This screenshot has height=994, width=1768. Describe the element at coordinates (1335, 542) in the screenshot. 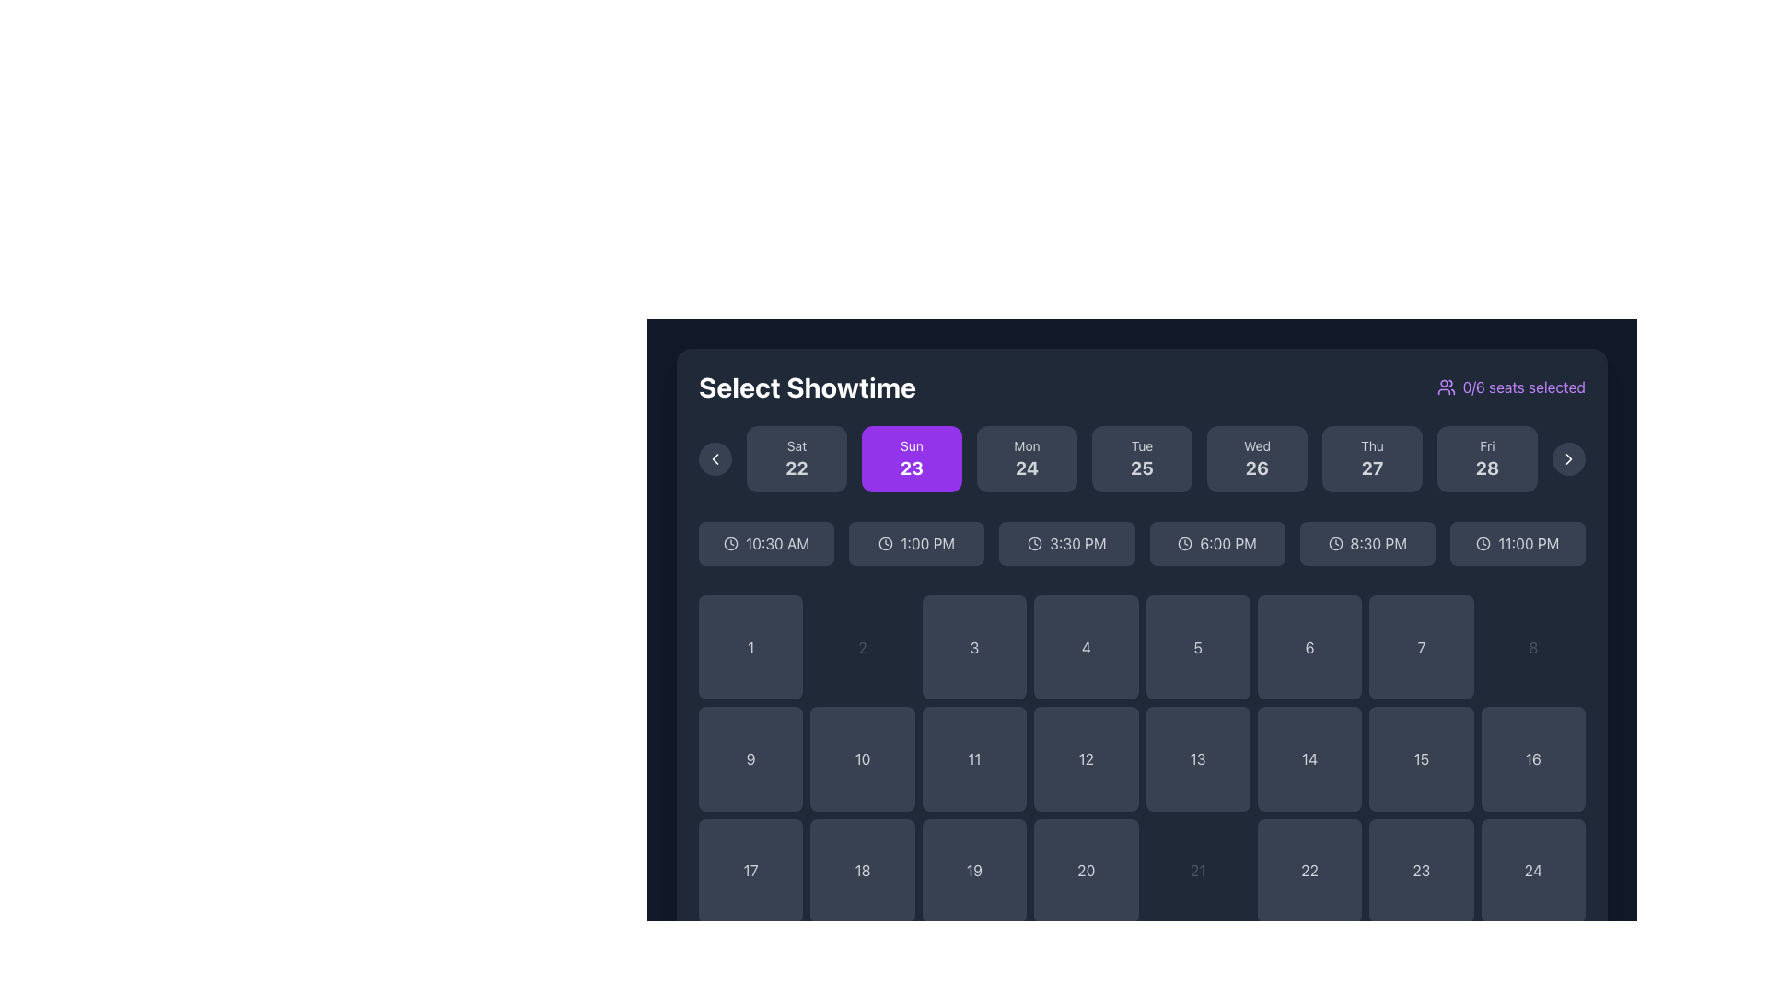

I see `the central circular graphical element of the clock icon representing the time slot '8:30 PM' on Thursday, 27th` at that location.